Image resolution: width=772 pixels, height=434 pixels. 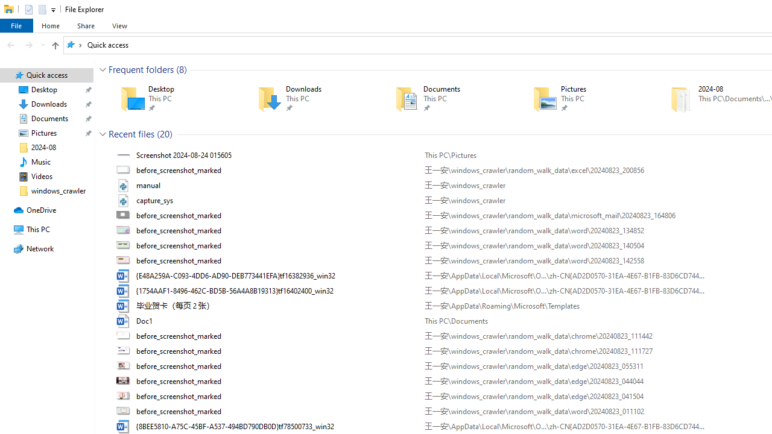 I want to click on 'Back (Alt + Left Arrow)', so click(x=10, y=44).